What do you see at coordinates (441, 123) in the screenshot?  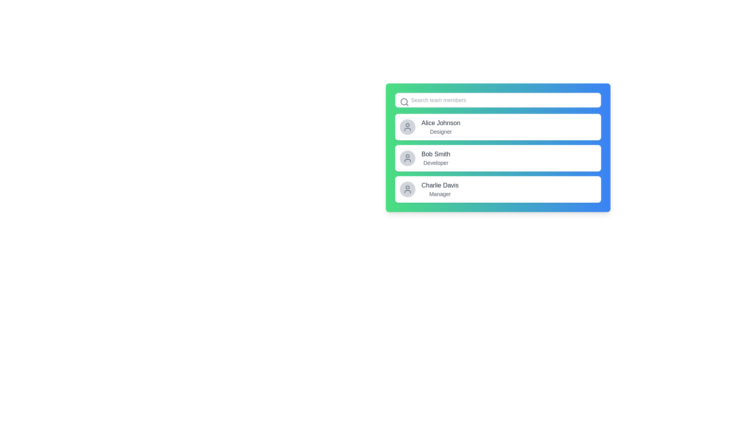 I see `text content of the label displaying 'Alice Johnson', the first entry in the vertical list of team members` at bounding box center [441, 123].